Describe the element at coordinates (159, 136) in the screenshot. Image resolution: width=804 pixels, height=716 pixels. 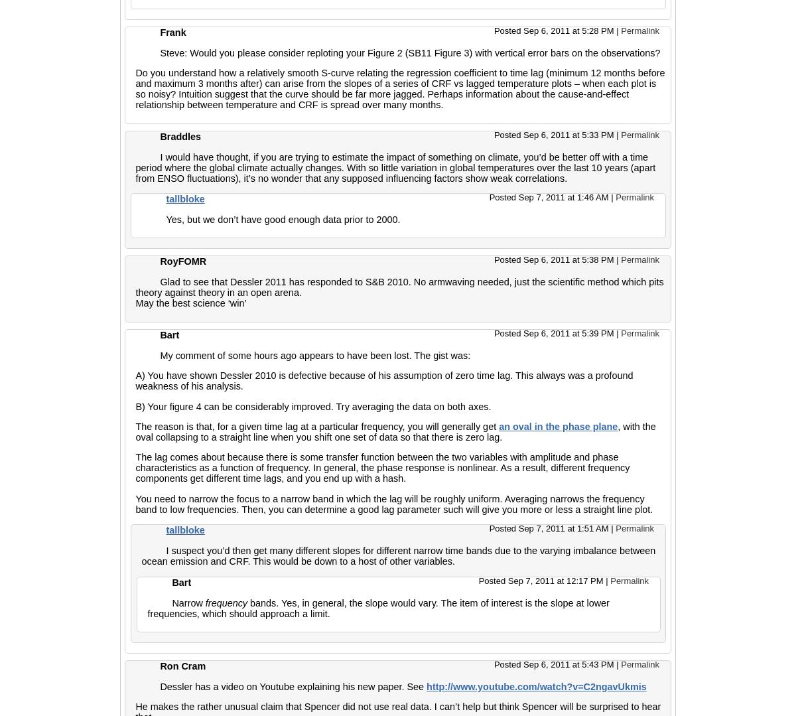
I see `'Braddles'` at that location.